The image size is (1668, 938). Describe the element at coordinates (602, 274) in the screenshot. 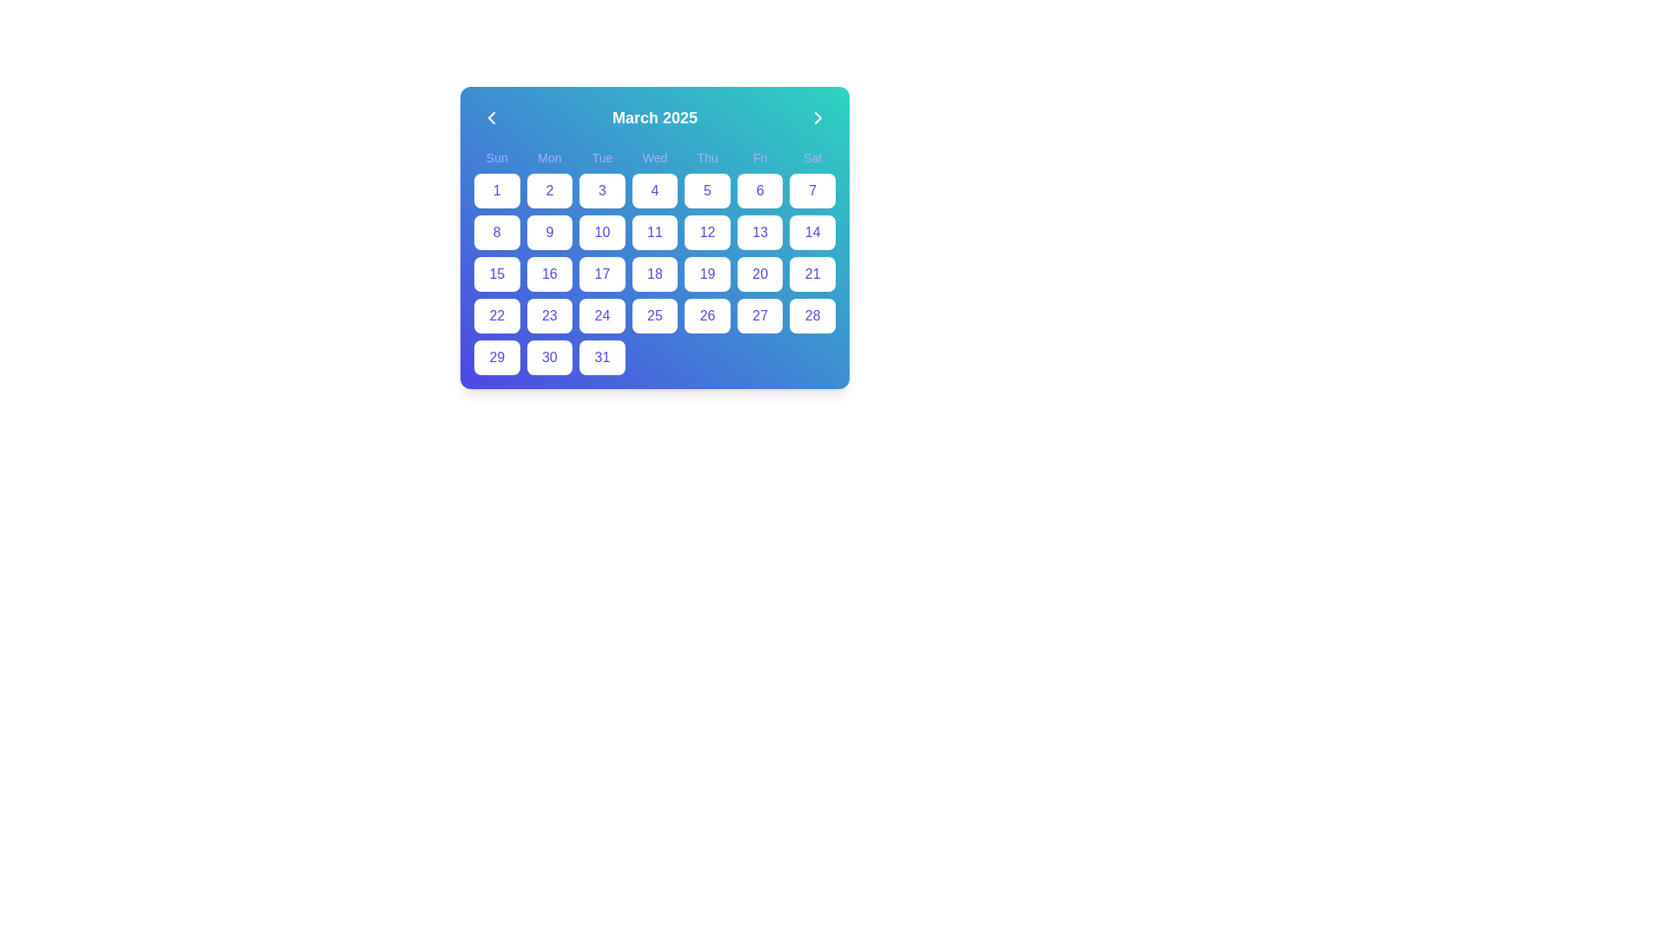

I see `the date '17' button in the calendar interface` at that location.